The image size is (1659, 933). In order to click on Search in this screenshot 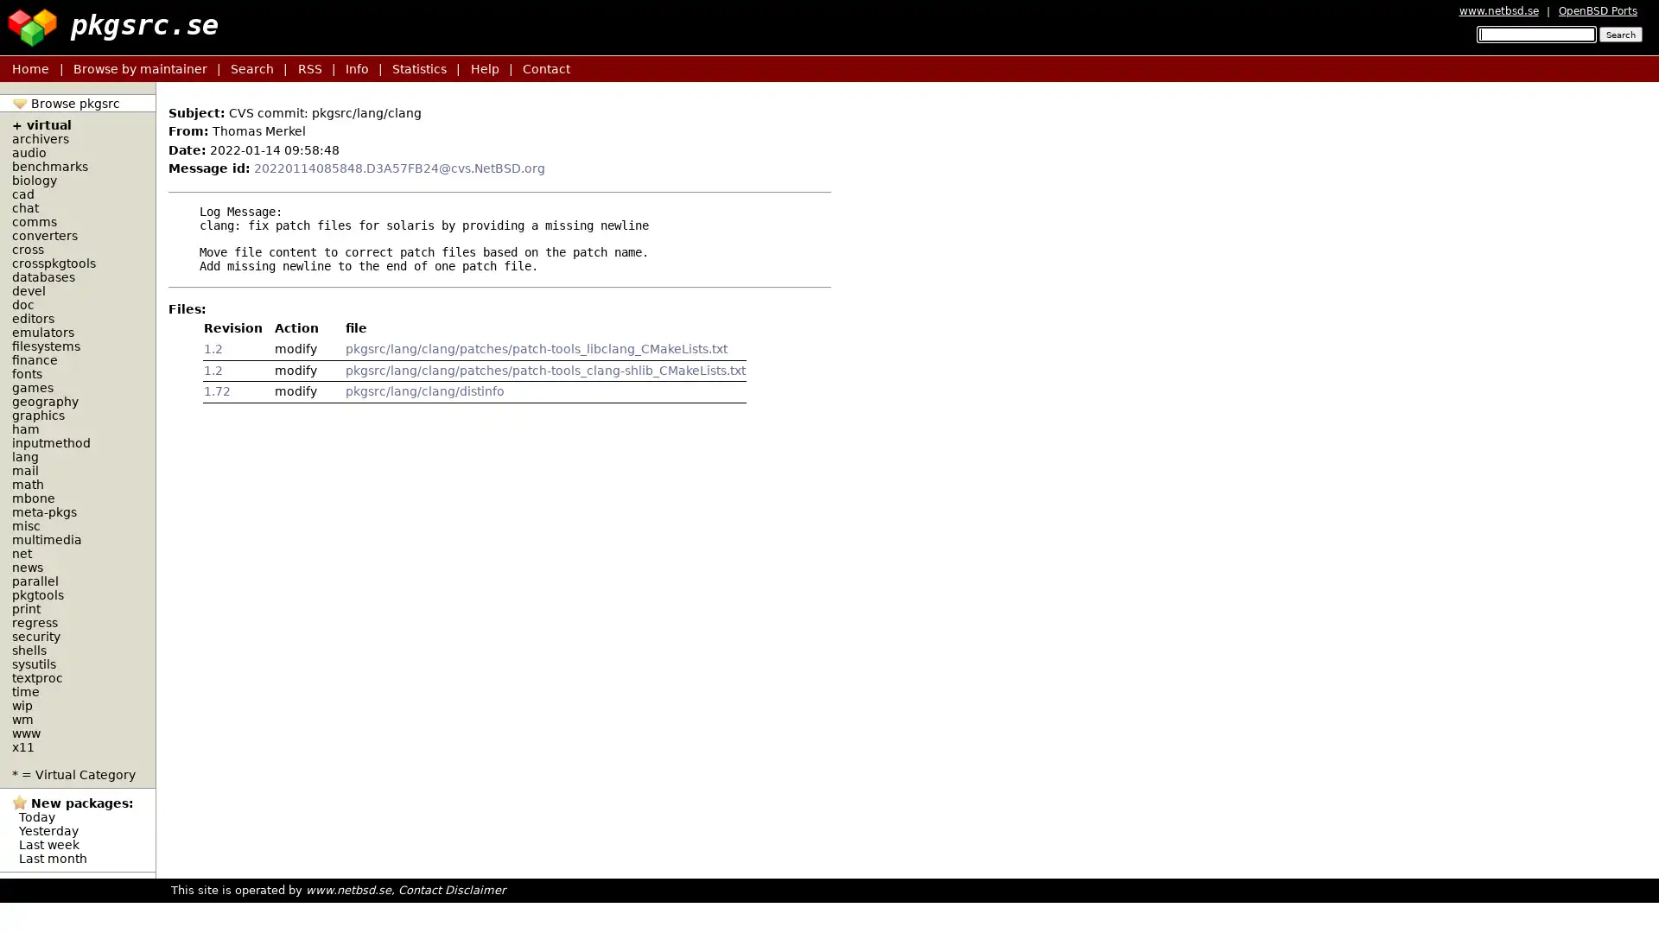, I will do `click(1619, 34)`.